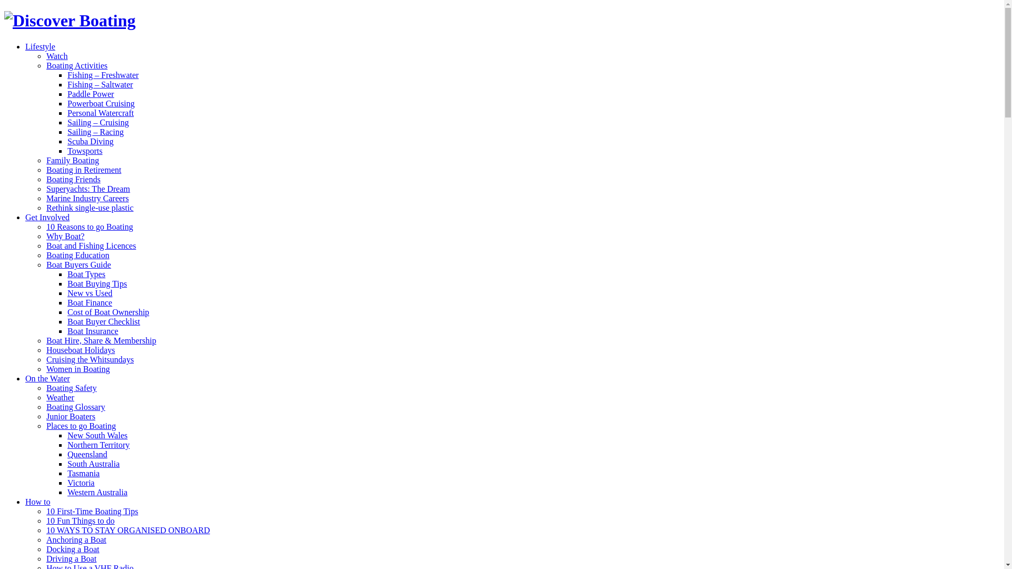  Describe the element at coordinates (65, 236) in the screenshot. I see `'Why Boat?'` at that location.